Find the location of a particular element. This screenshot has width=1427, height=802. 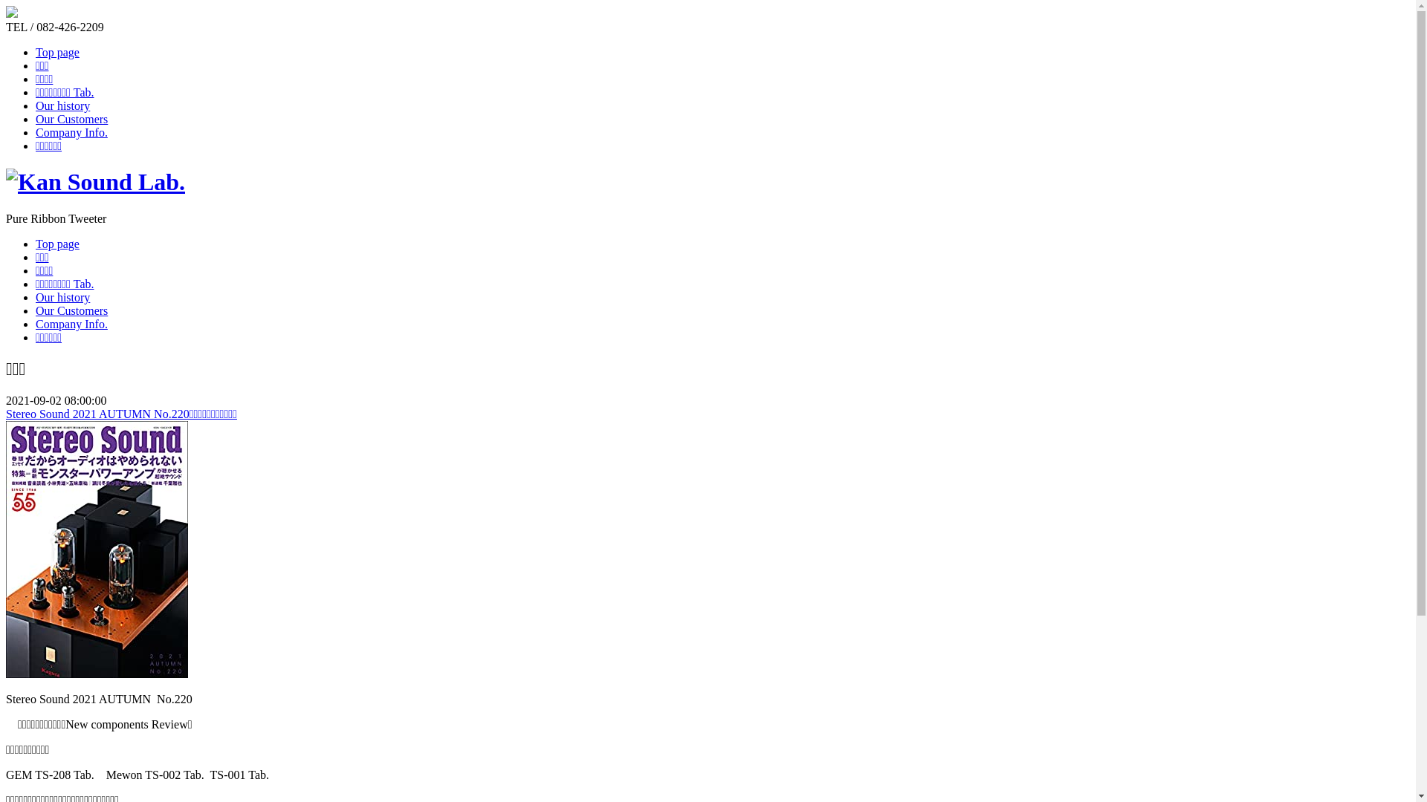

'Company Info.' is located at coordinates (71, 323).